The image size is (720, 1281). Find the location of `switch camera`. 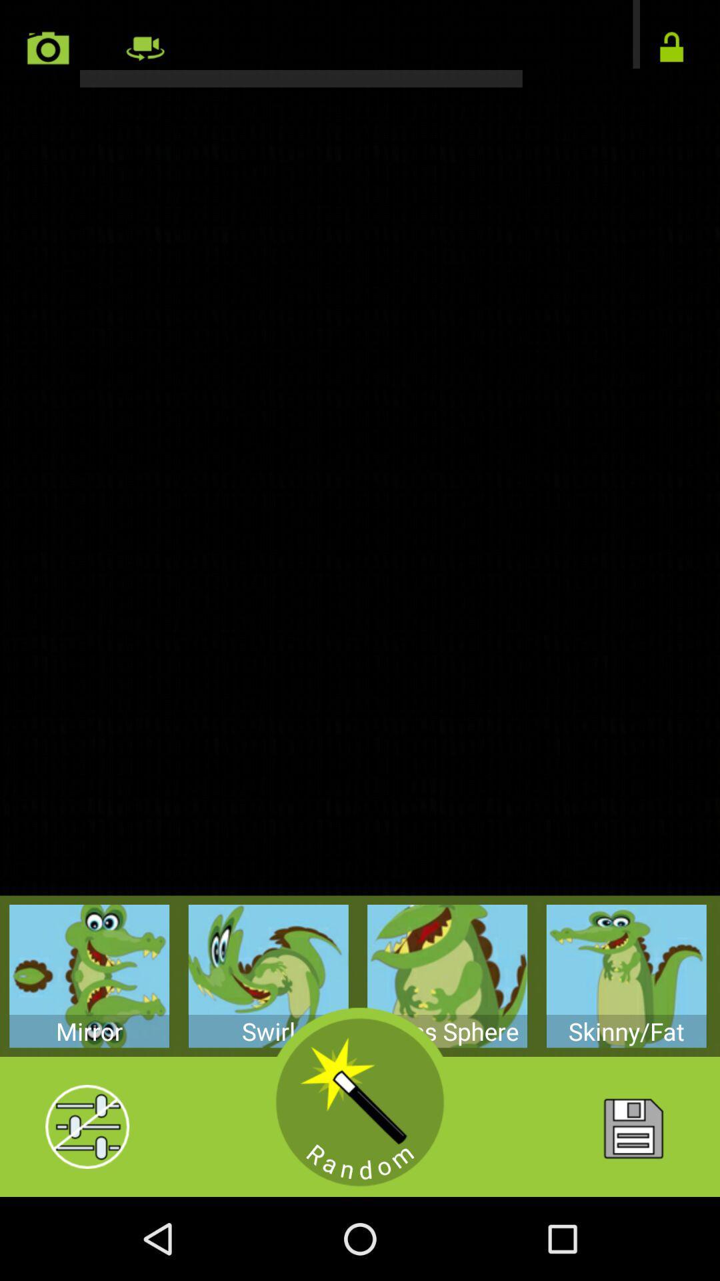

switch camera is located at coordinates (145, 48).